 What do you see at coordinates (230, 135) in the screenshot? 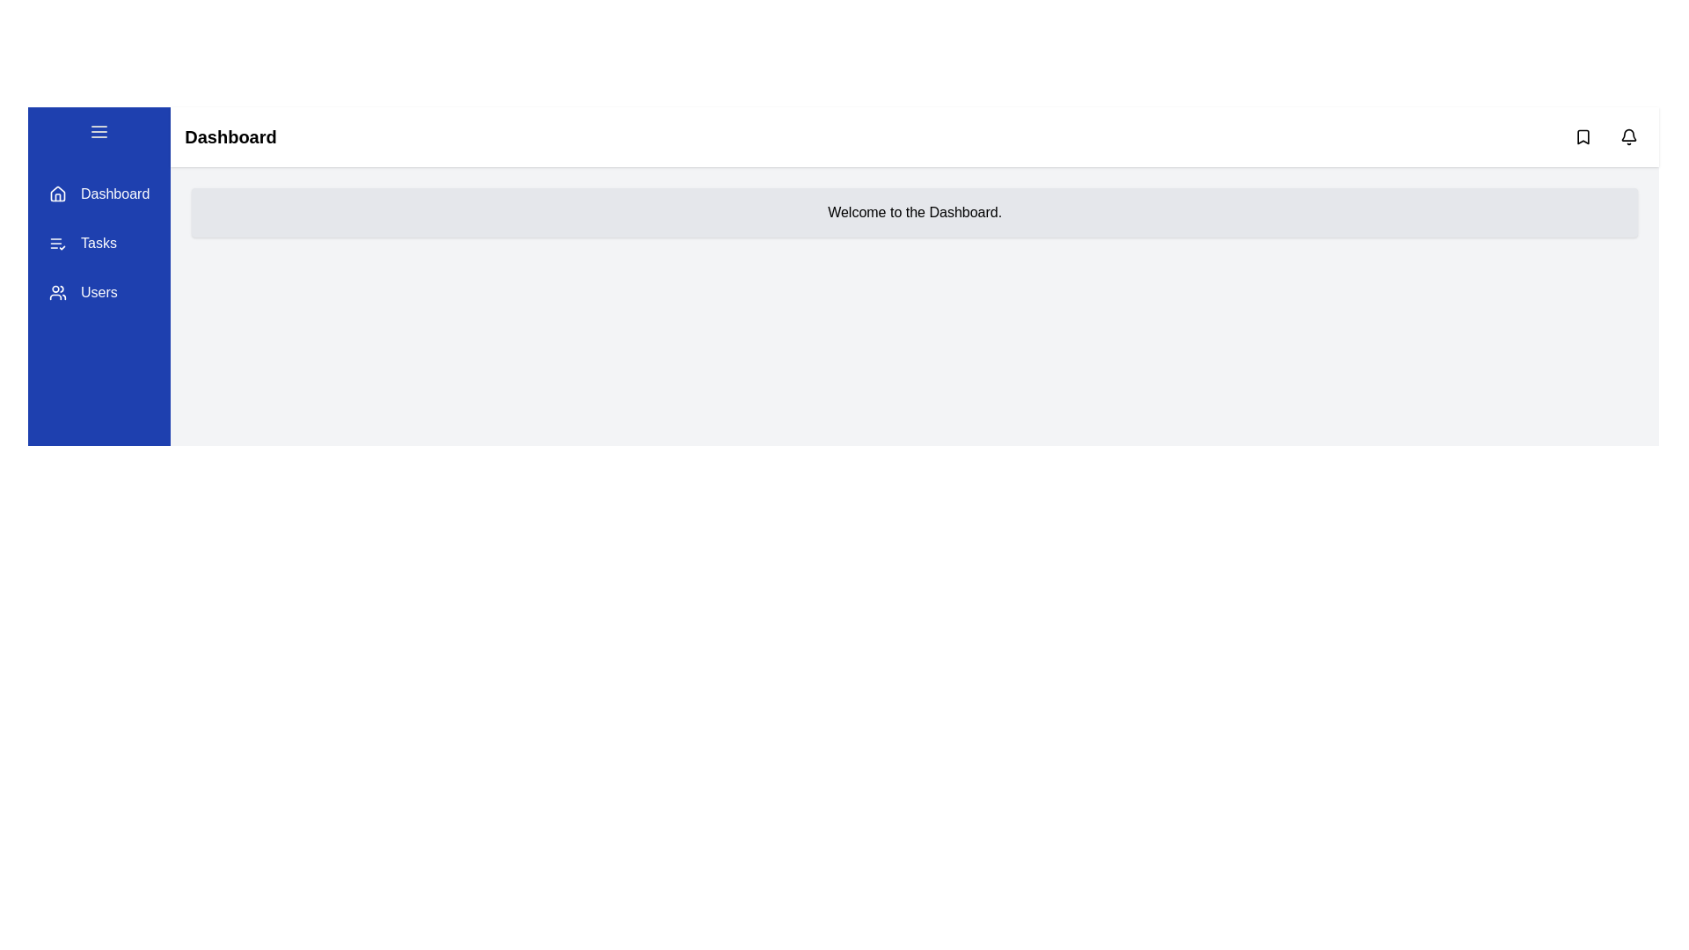
I see `text content of the Text Label indicating the current active section of the application, located at the top-left corner of the main content area, right of the blue vertical sidebar` at bounding box center [230, 135].